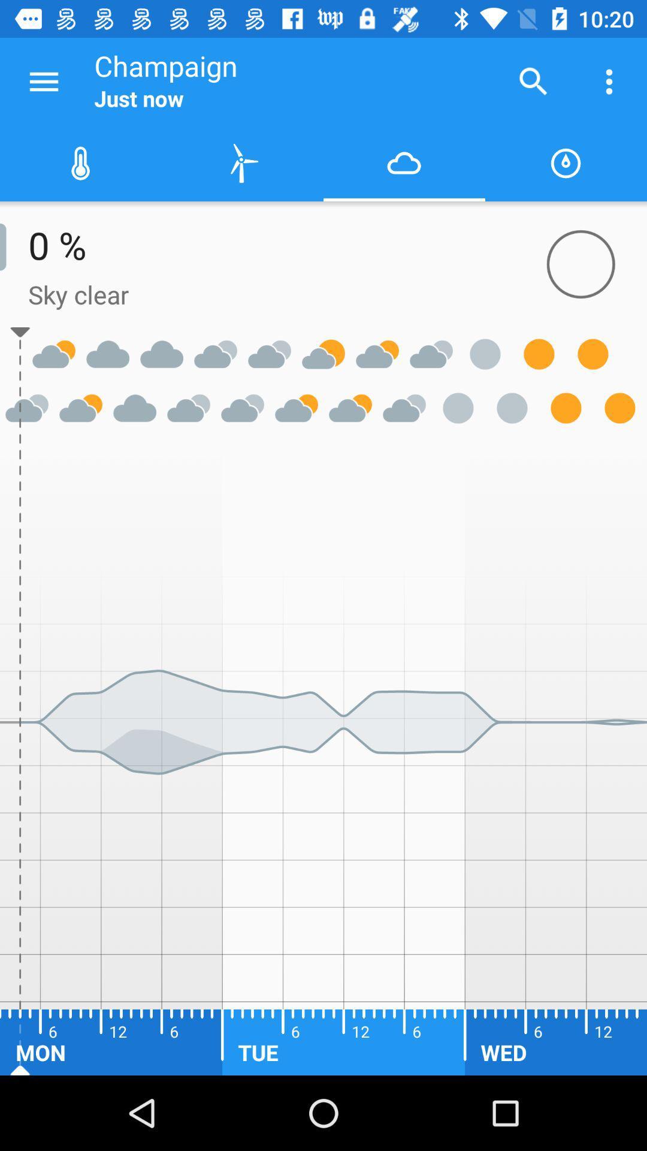 Image resolution: width=647 pixels, height=1151 pixels. Describe the element at coordinates (43, 81) in the screenshot. I see `the icon to the left of champaign item` at that location.